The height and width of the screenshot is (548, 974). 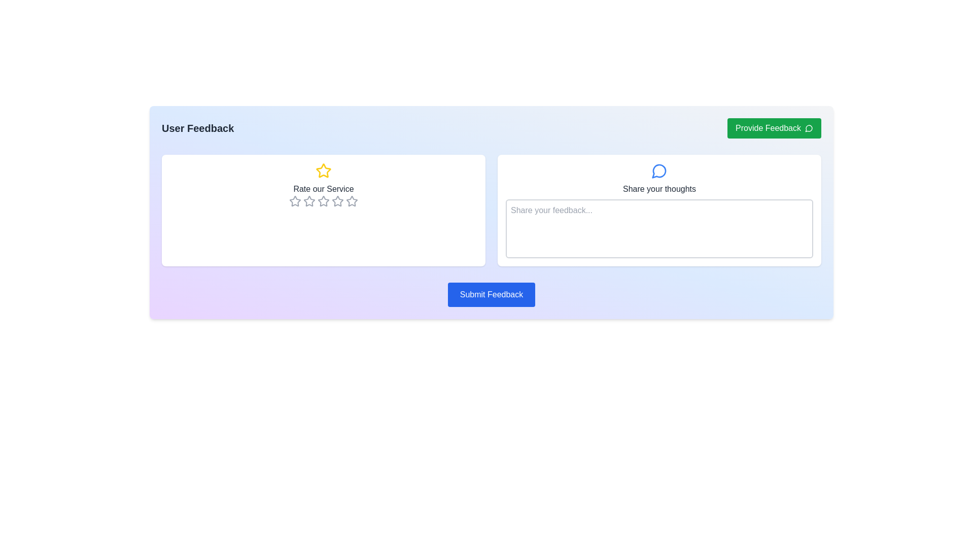 I want to click on the fifth star-shaped icon in the star rating section under the 'Rate our Service' heading, so click(x=352, y=201).